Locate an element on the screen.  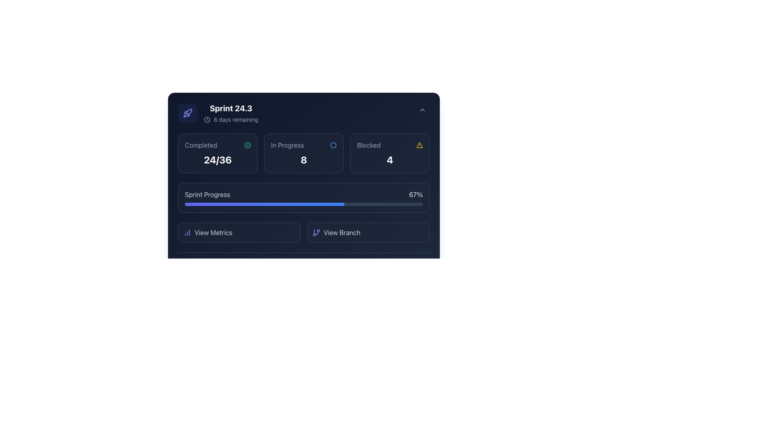
the circular status icon indicating 'In Progress', which is centered above the number '8' is located at coordinates (333, 144).